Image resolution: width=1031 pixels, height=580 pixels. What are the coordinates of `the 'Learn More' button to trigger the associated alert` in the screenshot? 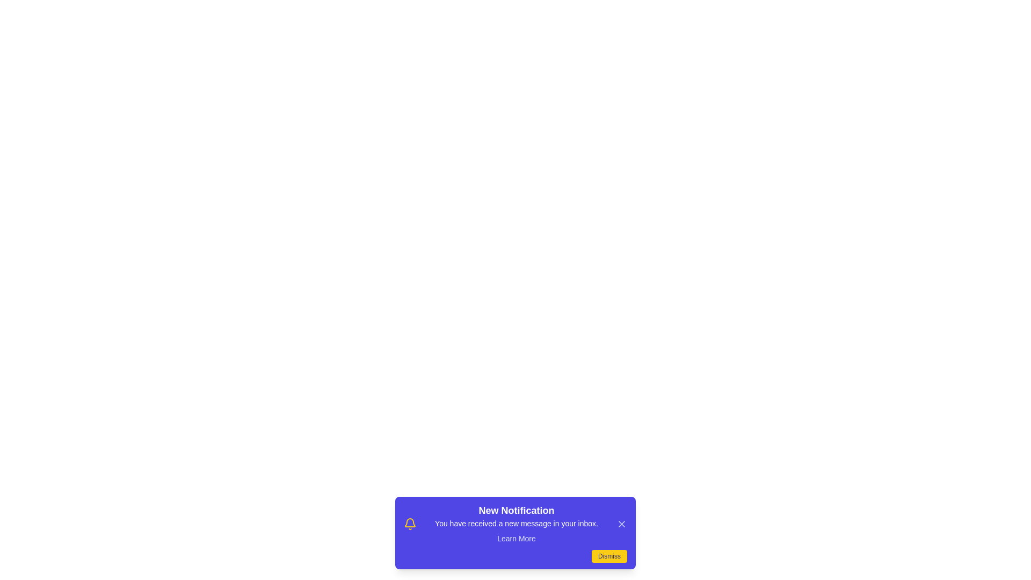 It's located at (516, 538).